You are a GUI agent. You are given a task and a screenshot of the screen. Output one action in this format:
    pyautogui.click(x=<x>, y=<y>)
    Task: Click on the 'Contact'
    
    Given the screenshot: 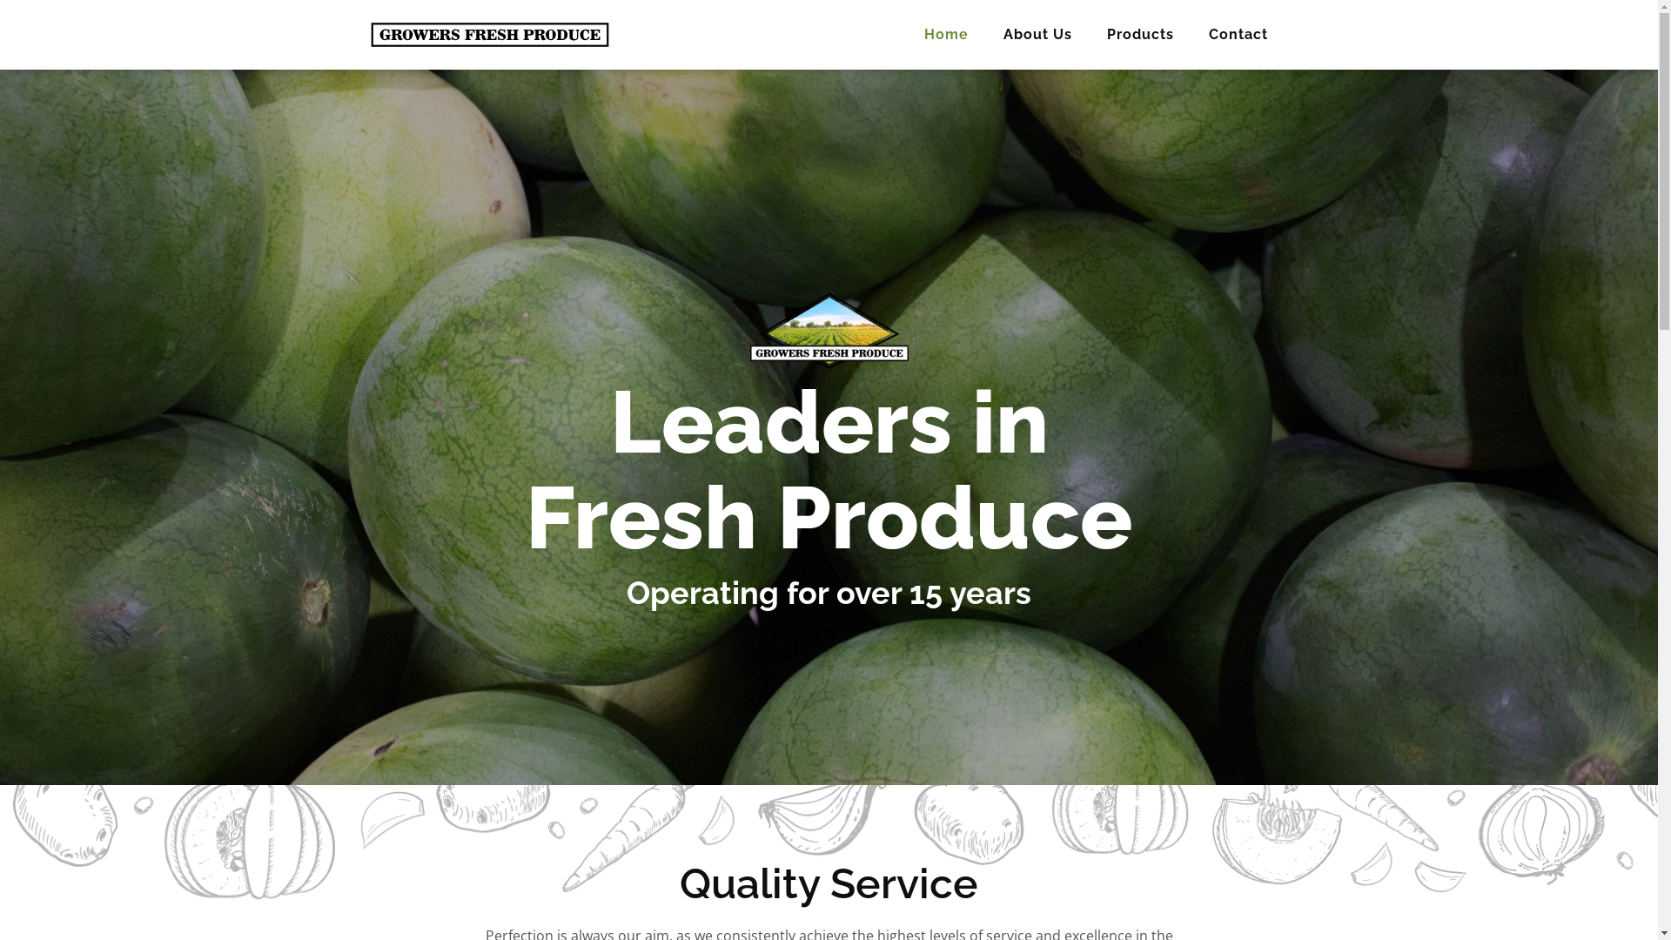 What is the action you would take?
    pyautogui.click(x=1236, y=34)
    